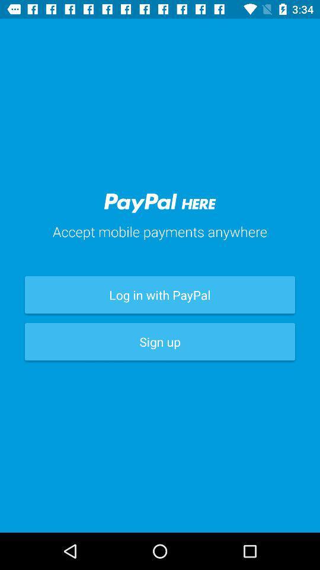  I want to click on the item below accept mobile payments, so click(160, 294).